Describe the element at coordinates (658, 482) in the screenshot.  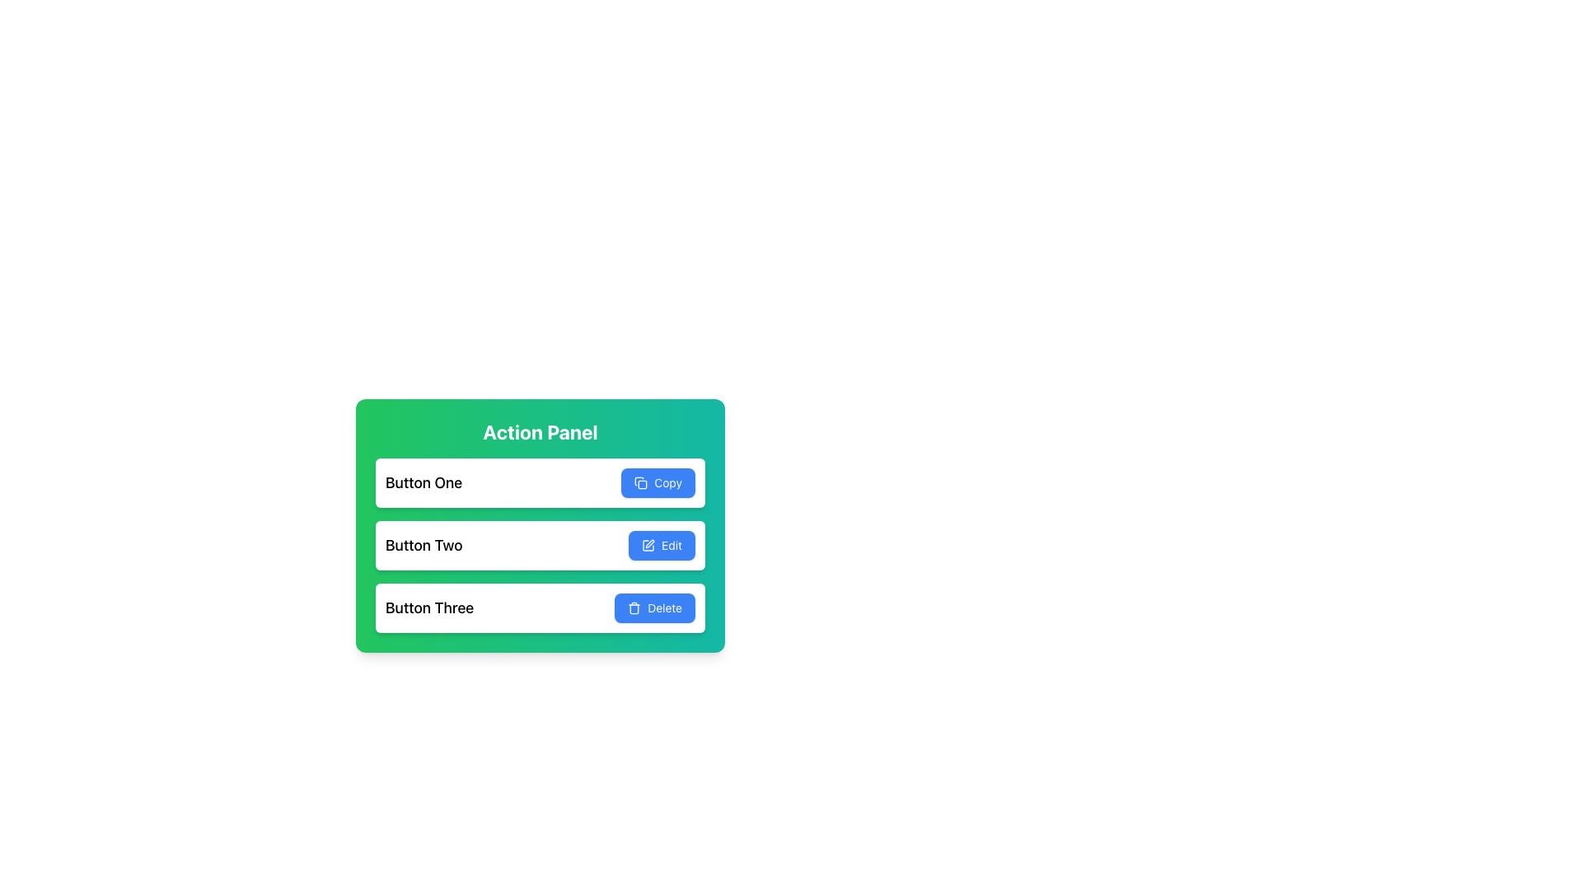
I see `the rectangular blue button labeled 'Copy', which has an icon of overlapping squares on the left` at that location.